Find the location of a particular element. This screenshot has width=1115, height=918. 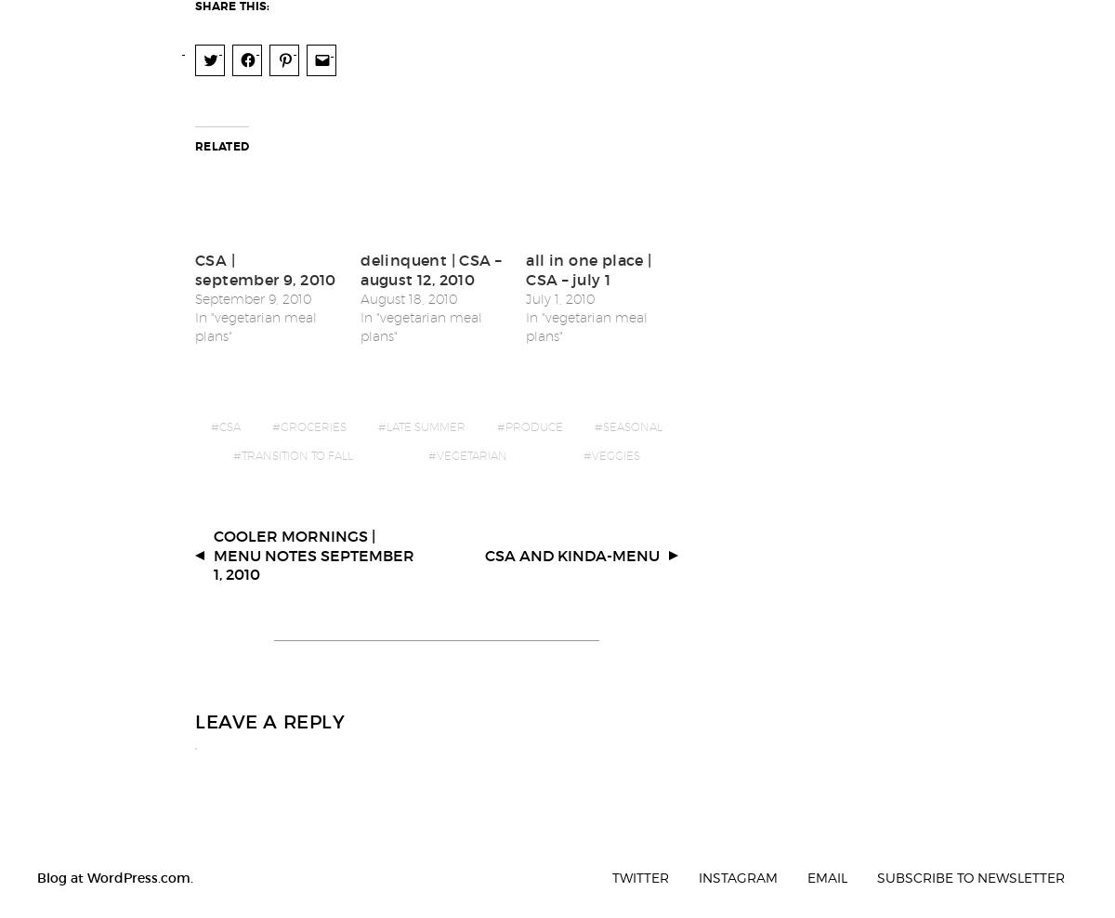

'cooler mornings | menu notes september 1, 2010' is located at coordinates (314, 542).